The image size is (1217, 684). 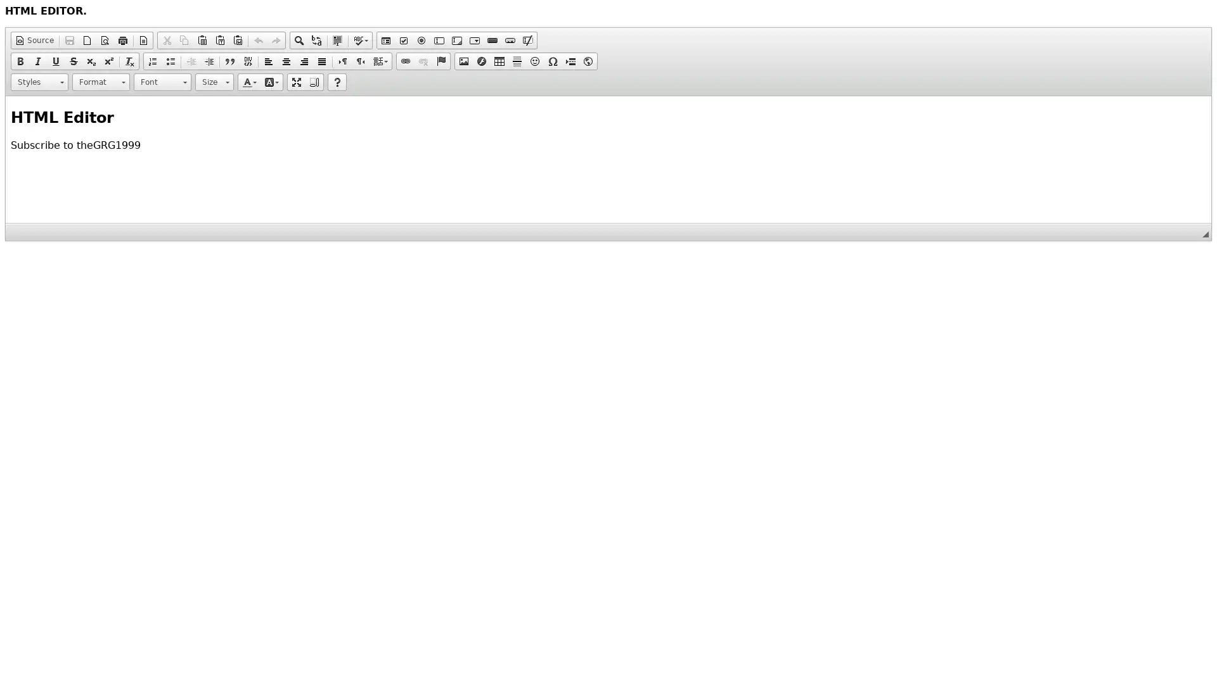 I want to click on Table, so click(x=498, y=61).